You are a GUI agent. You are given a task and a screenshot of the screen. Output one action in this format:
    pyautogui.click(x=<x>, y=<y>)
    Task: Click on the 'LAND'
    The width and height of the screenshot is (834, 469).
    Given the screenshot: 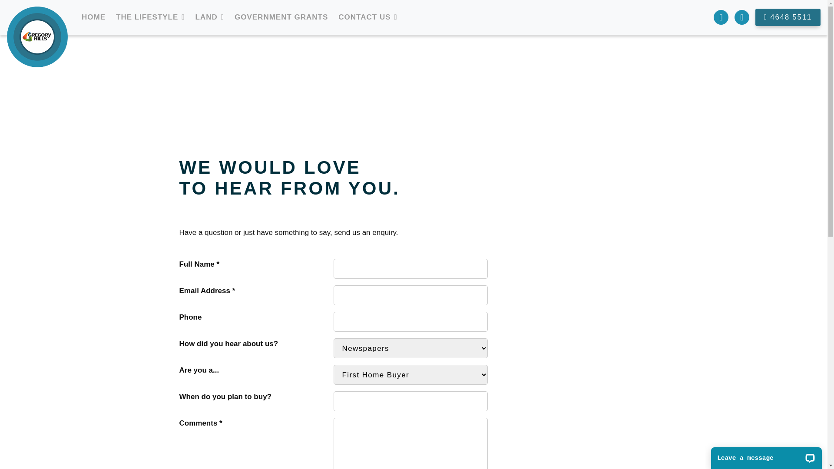 What is the action you would take?
    pyautogui.click(x=206, y=17)
    